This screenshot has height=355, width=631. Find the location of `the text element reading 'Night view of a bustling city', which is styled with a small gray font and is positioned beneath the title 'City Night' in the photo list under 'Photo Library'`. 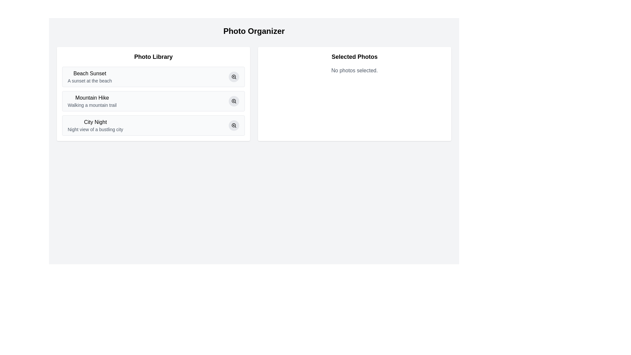

the text element reading 'Night view of a bustling city', which is styled with a small gray font and is positioned beneath the title 'City Night' in the photo list under 'Photo Library' is located at coordinates (95, 129).